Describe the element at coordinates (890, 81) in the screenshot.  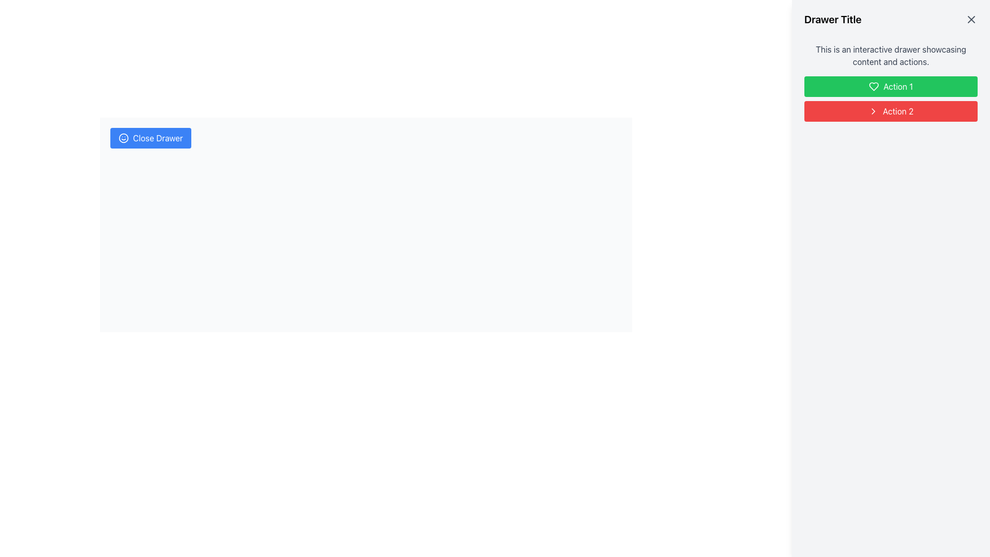
I see `the 'Action 2' button in the interactive drawer located in the upper section of the sidebar drawer titled 'Drawer Title'` at that location.